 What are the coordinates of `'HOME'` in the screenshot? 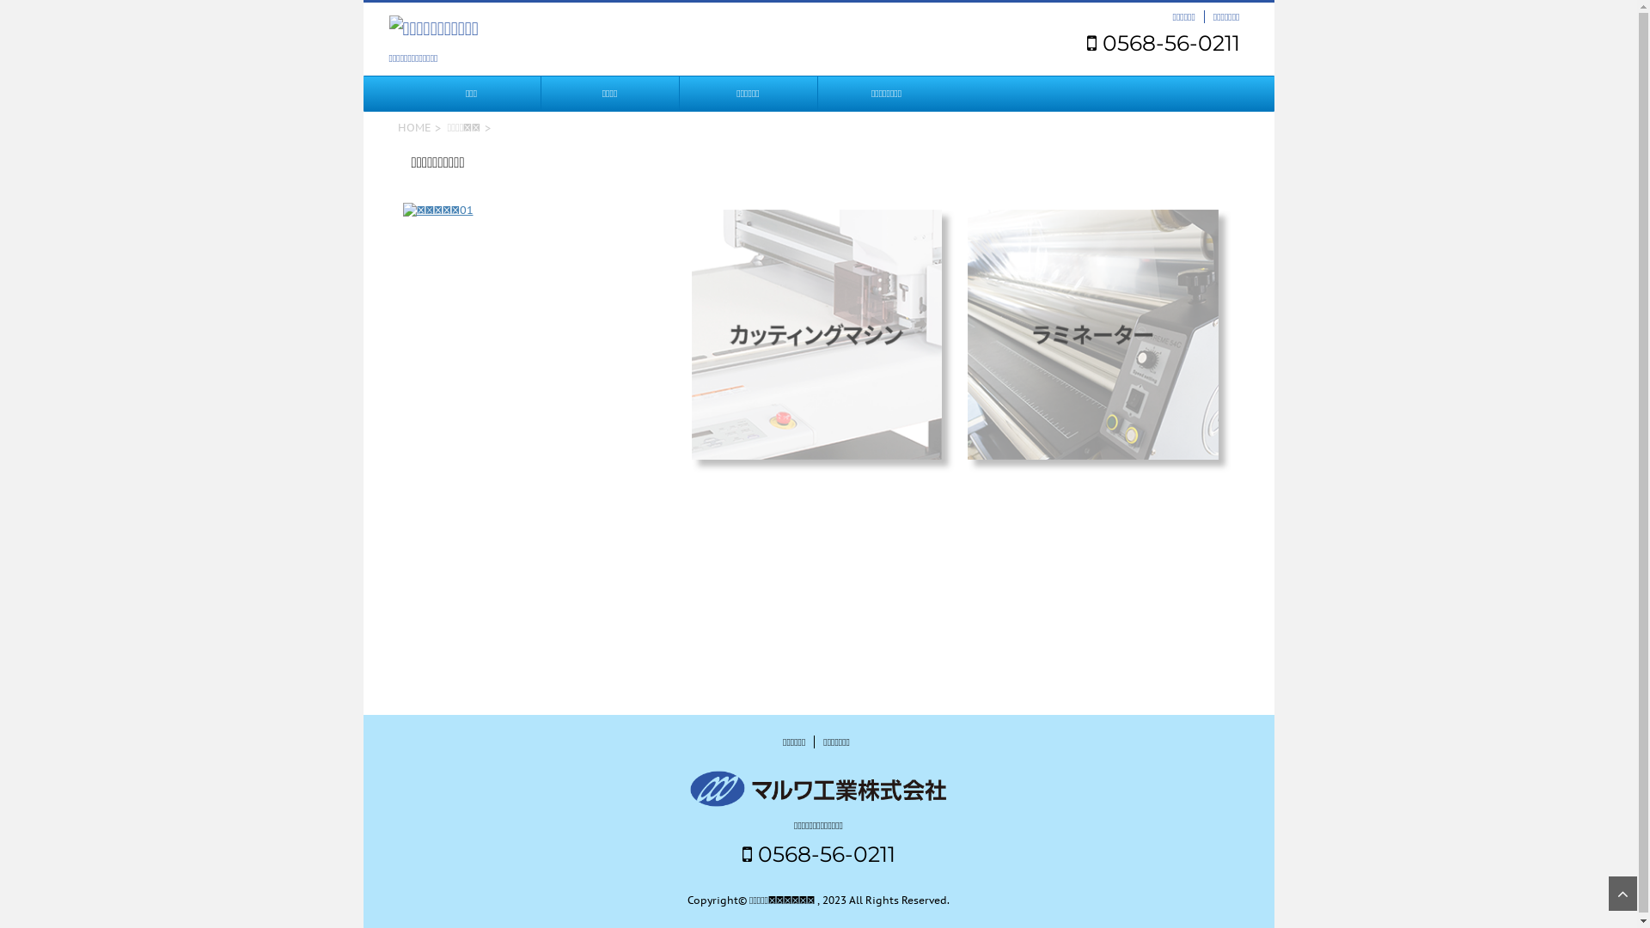 It's located at (413, 126).